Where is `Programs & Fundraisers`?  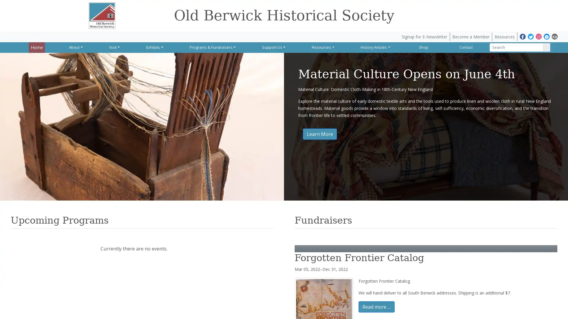 Programs & Fundraisers is located at coordinates (212, 47).